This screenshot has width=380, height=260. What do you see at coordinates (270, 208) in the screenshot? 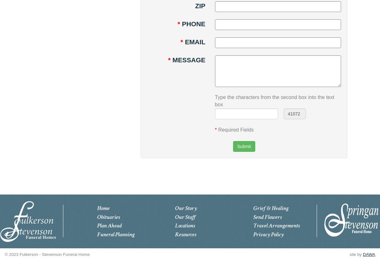
I see `'Grief & Healing'` at bounding box center [270, 208].